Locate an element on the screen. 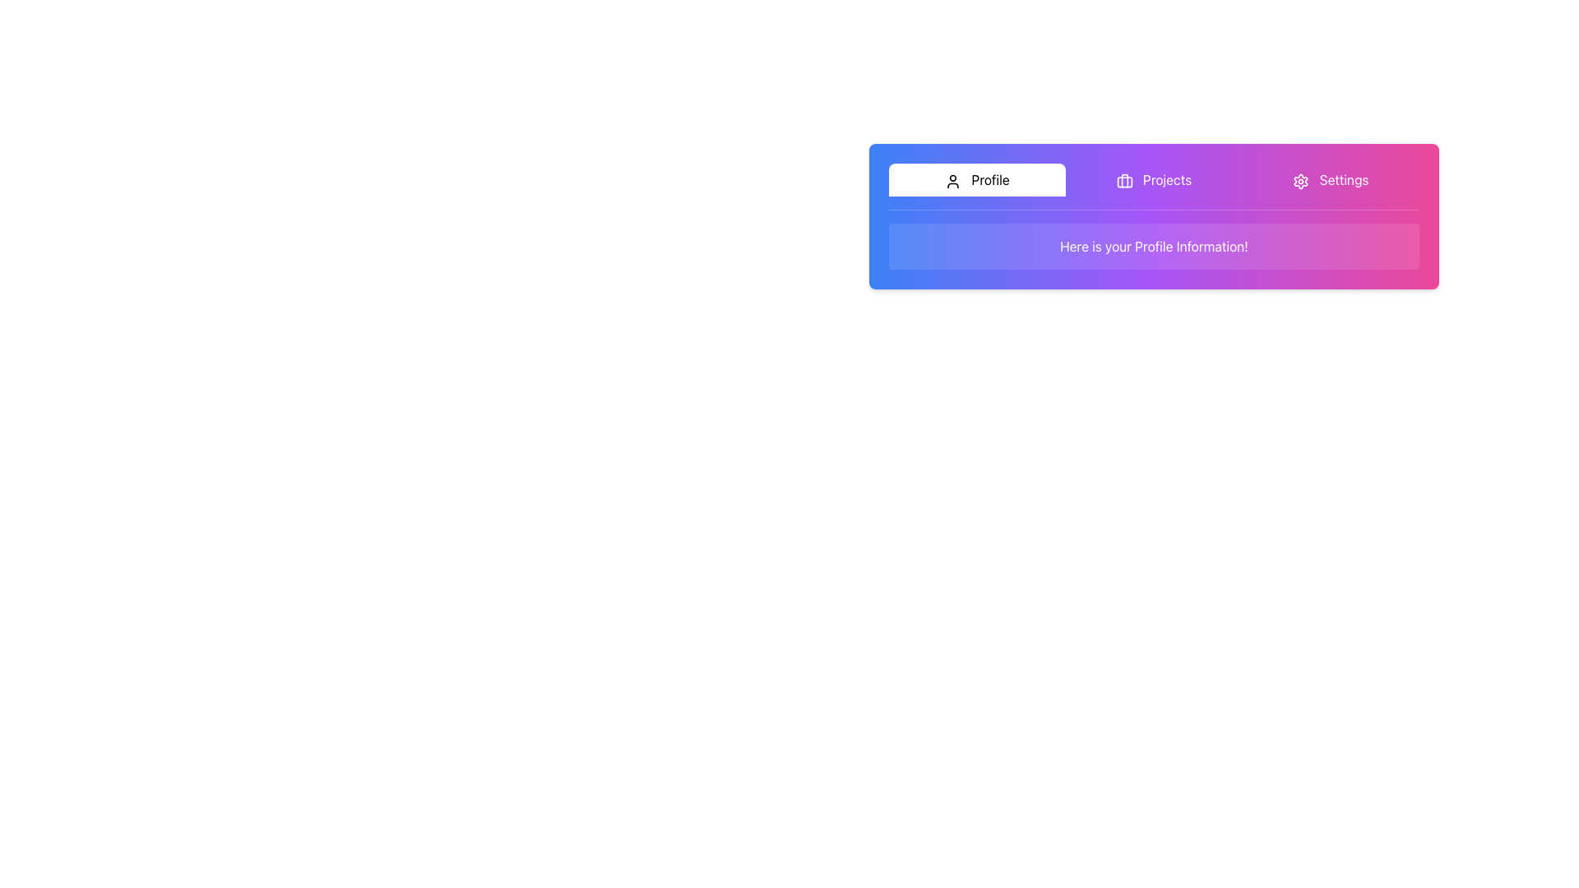  the user profile icon, which is styled as an outline of a person, located to the left of the 'Profile' text in the header tab interface is located at coordinates (953, 181).